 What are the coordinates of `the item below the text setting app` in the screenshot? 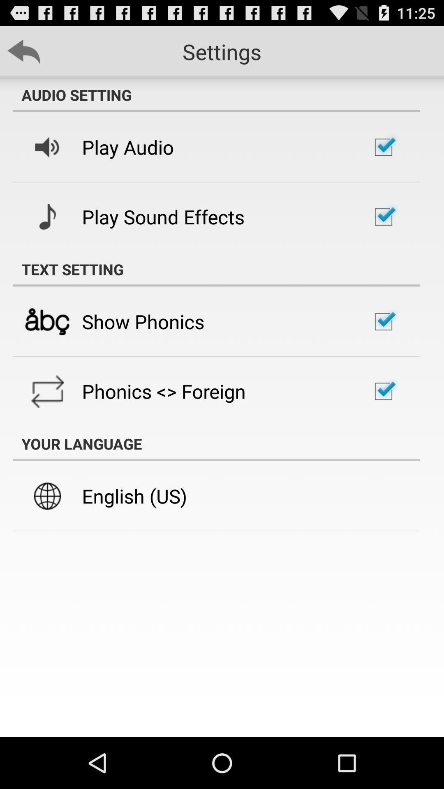 It's located at (143, 321).